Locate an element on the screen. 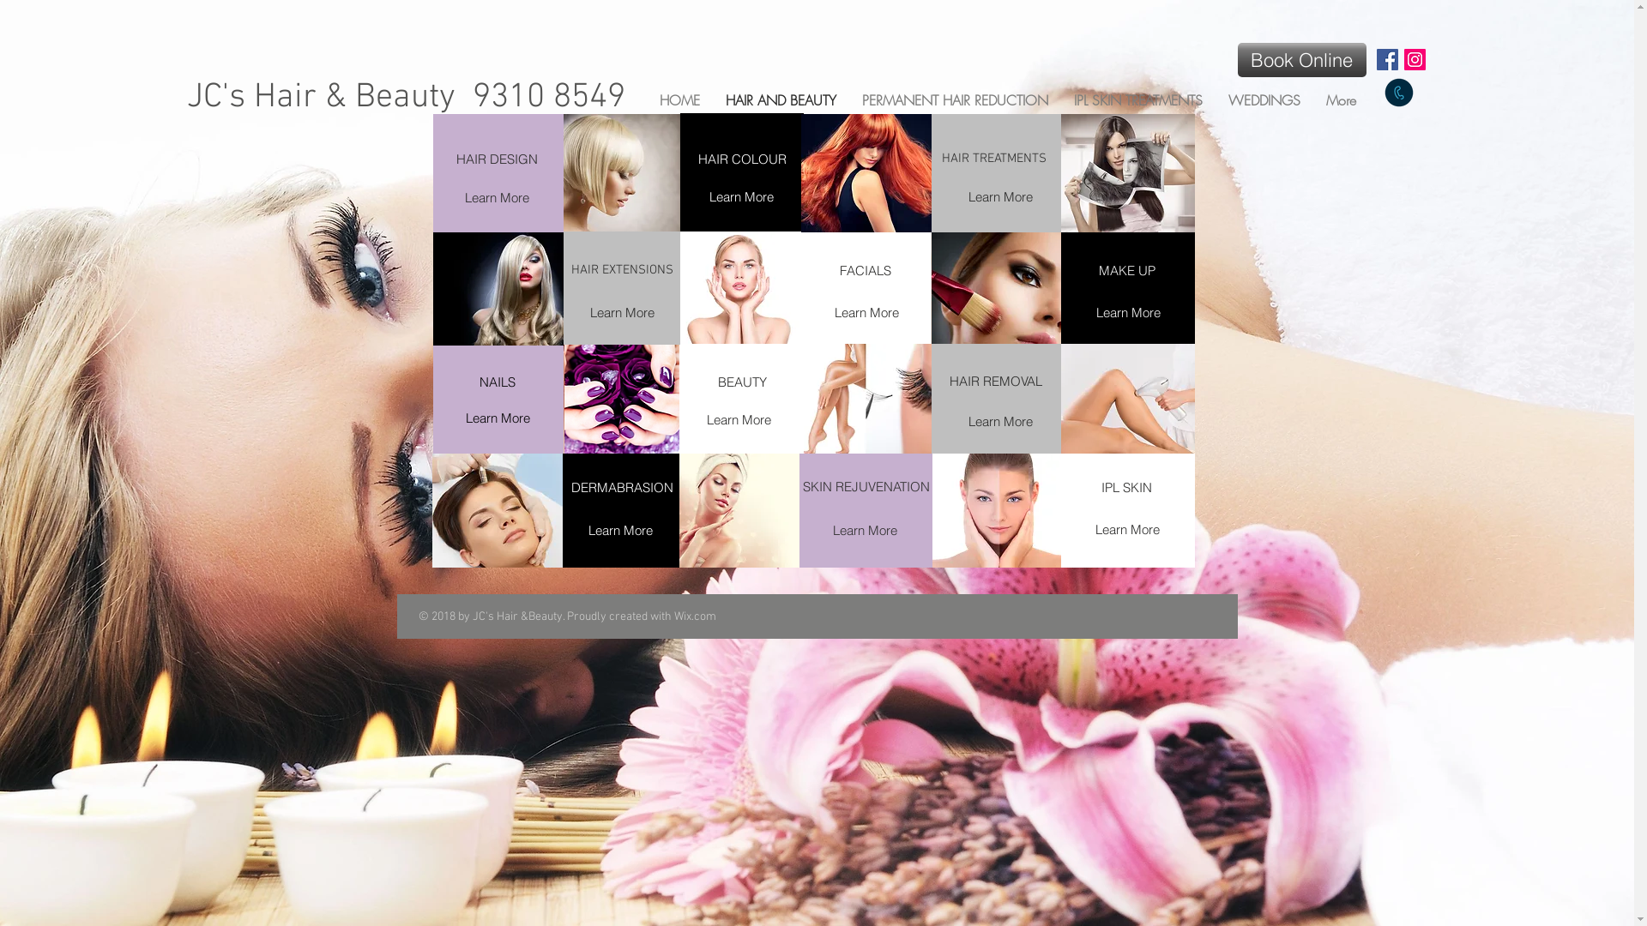 Image resolution: width=1647 pixels, height=926 pixels. 'JC's Hair & Beauty  9310 8549' is located at coordinates (405, 98).